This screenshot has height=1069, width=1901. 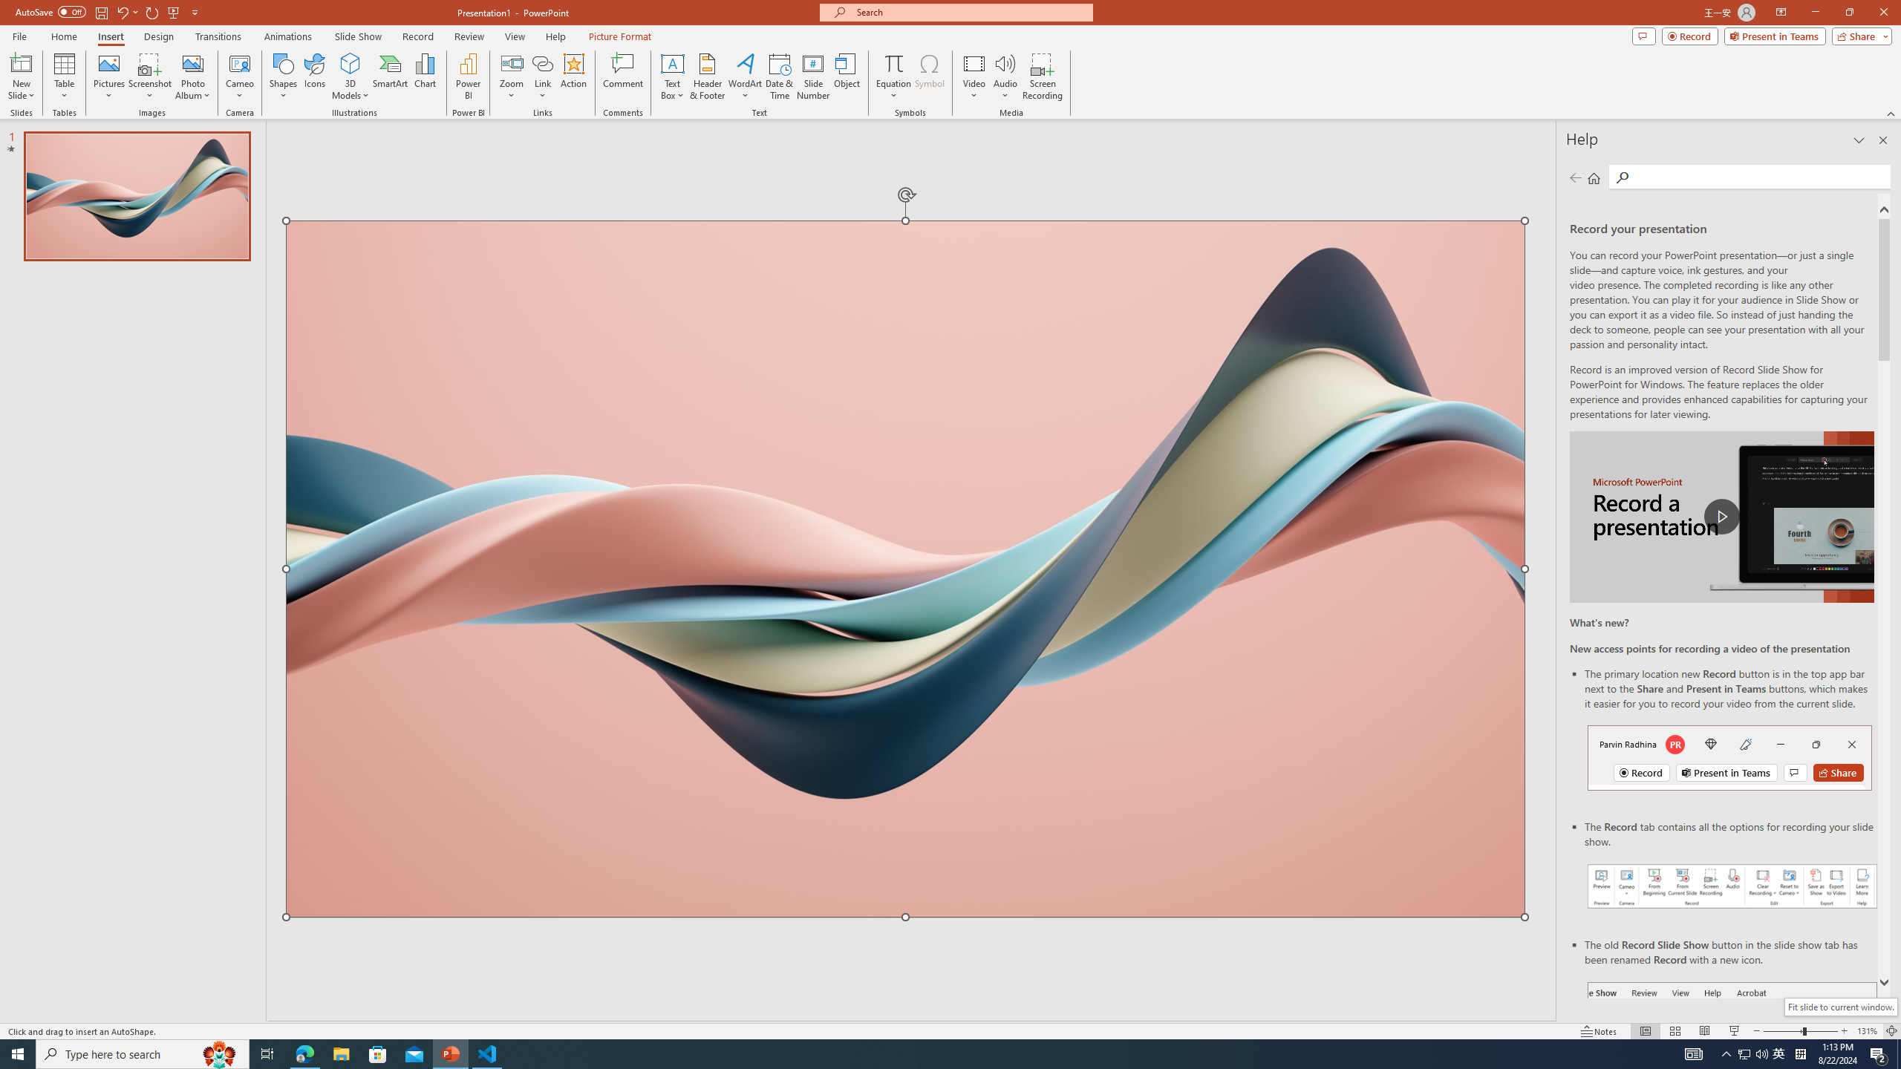 What do you see at coordinates (929, 76) in the screenshot?
I see `'Symbol...'` at bounding box center [929, 76].